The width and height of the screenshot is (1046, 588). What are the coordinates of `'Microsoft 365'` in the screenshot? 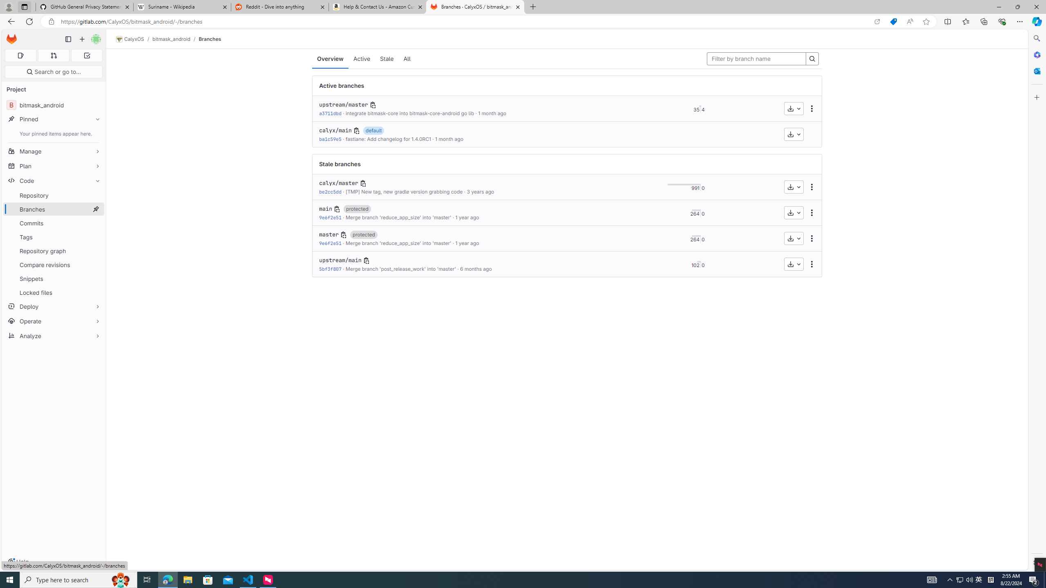 It's located at (1036, 55).